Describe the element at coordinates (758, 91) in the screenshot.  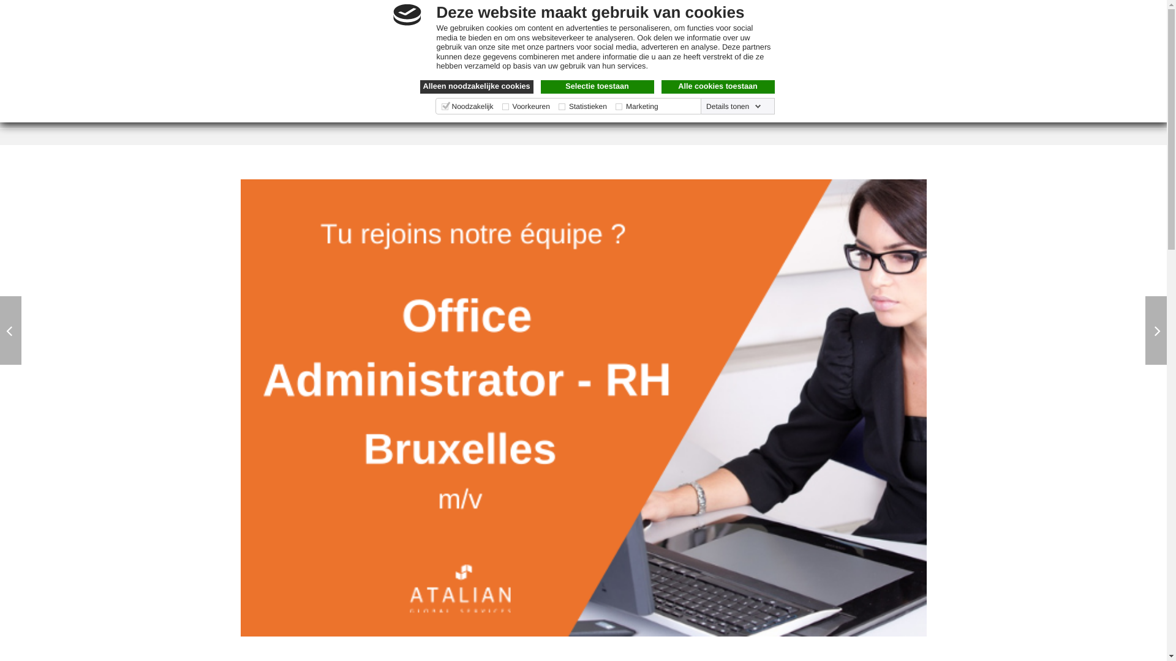
I see `'MVO'` at that location.